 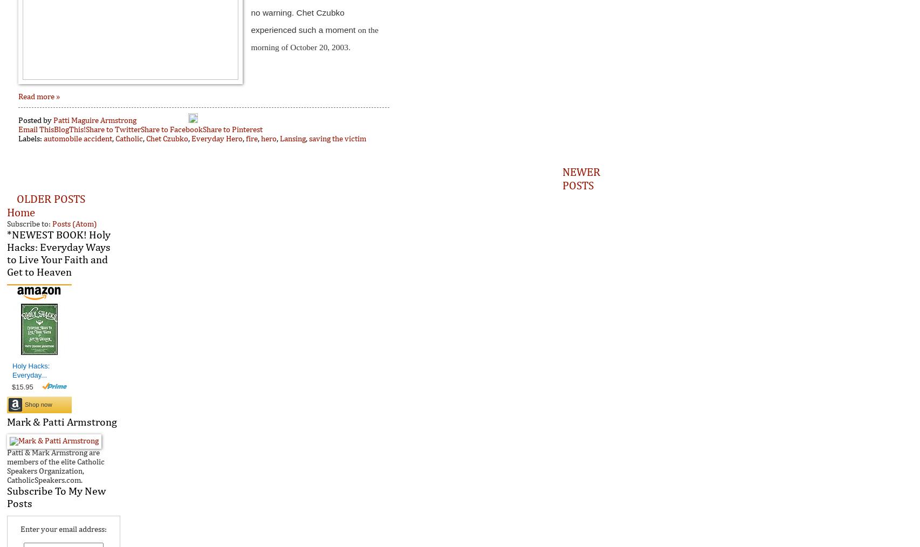 What do you see at coordinates (29, 223) in the screenshot?
I see `'Subscribe to:'` at bounding box center [29, 223].